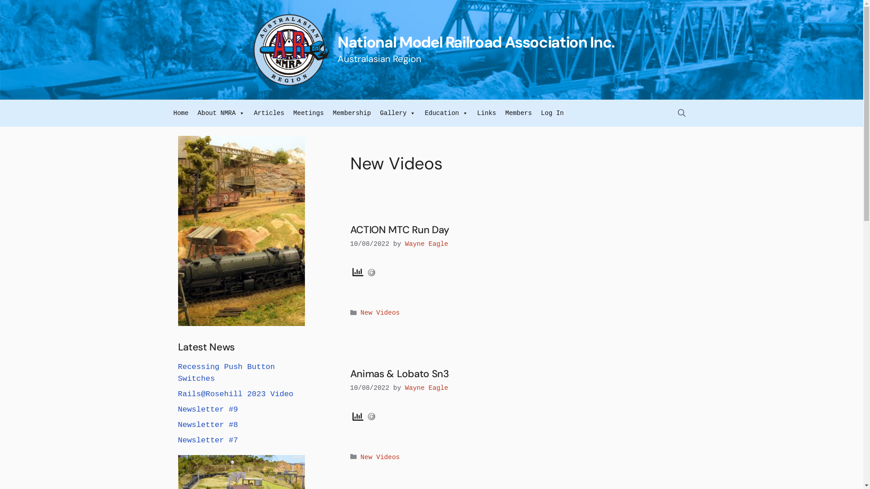  Describe the element at coordinates (352, 113) in the screenshot. I see `'Membership'` at that location.